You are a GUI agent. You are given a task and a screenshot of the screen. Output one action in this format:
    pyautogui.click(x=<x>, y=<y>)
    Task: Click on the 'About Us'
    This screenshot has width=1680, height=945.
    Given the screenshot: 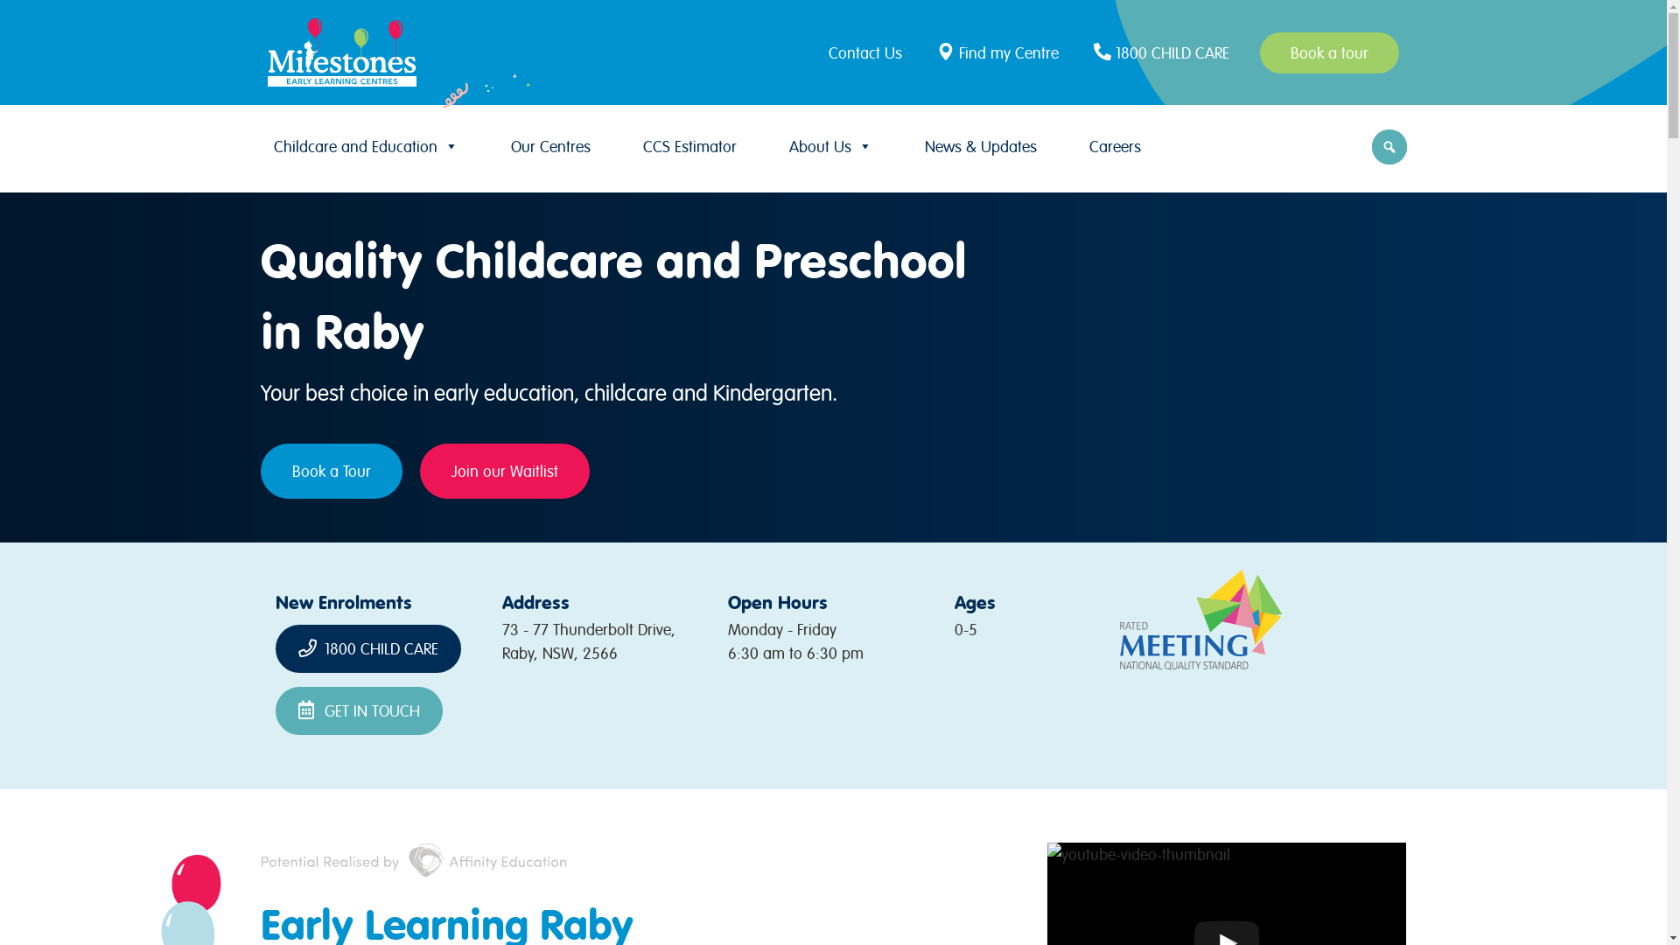 What is the action you would take?
    pyautogui.click(x=829, y=145)
    